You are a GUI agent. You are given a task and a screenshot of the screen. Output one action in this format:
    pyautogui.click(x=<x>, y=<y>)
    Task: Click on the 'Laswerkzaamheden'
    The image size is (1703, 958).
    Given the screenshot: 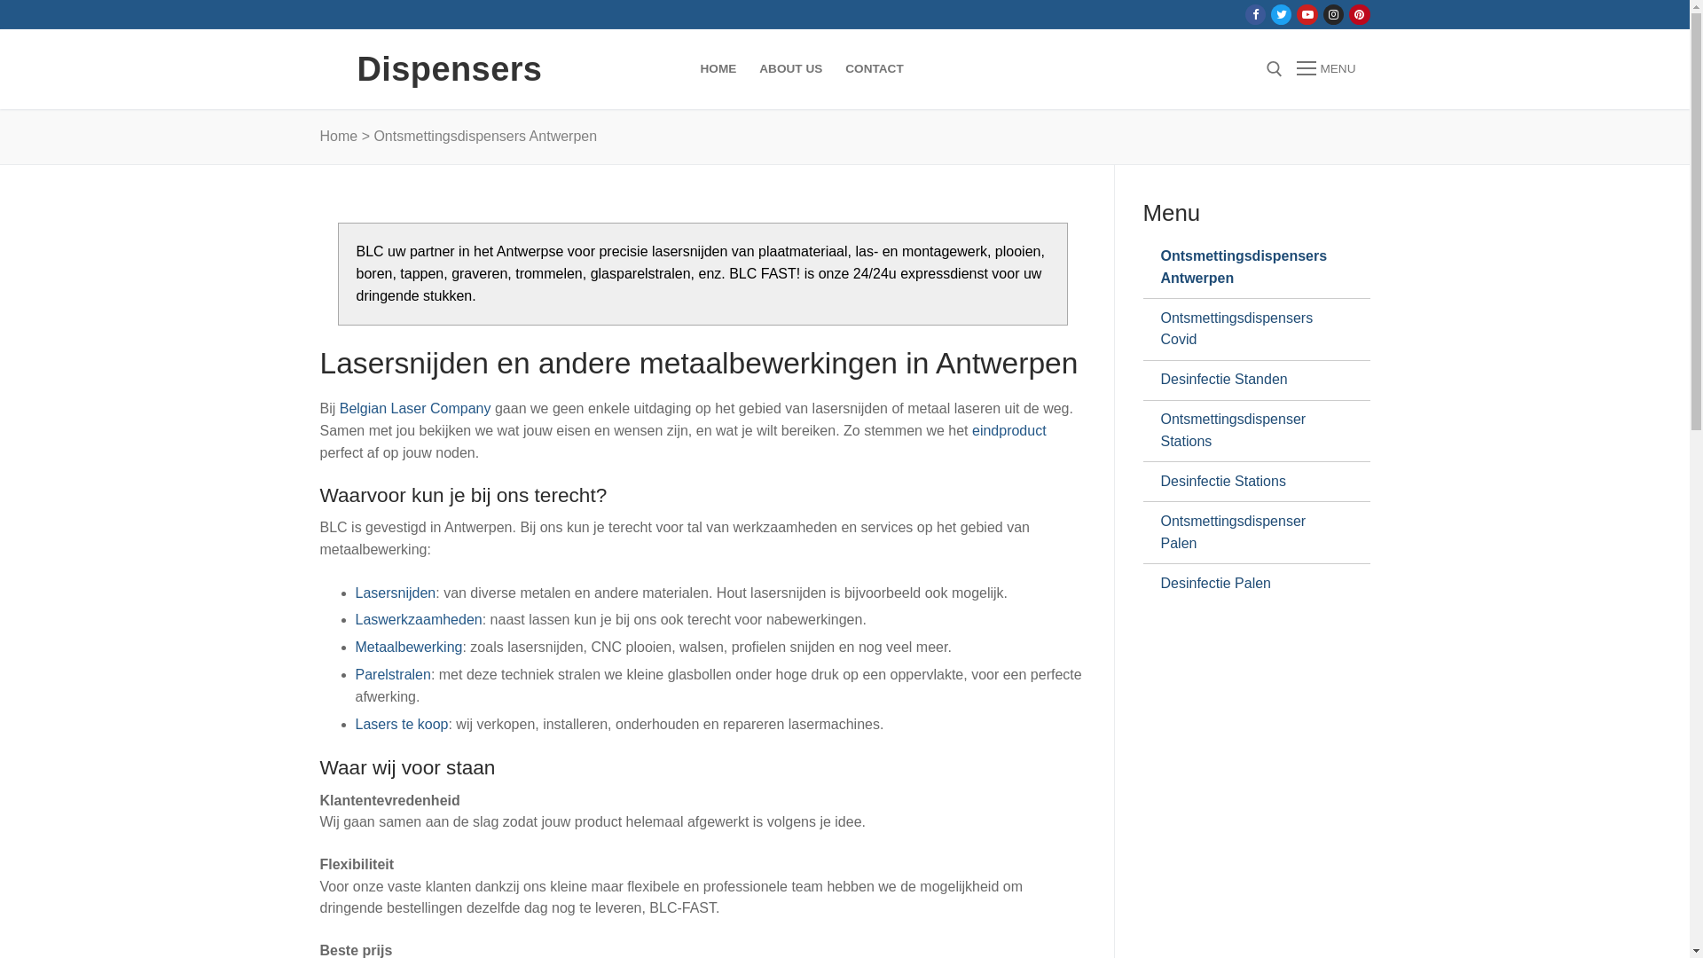 What is the action you would take?
    pyautogui.click(x=417, y=618)
    